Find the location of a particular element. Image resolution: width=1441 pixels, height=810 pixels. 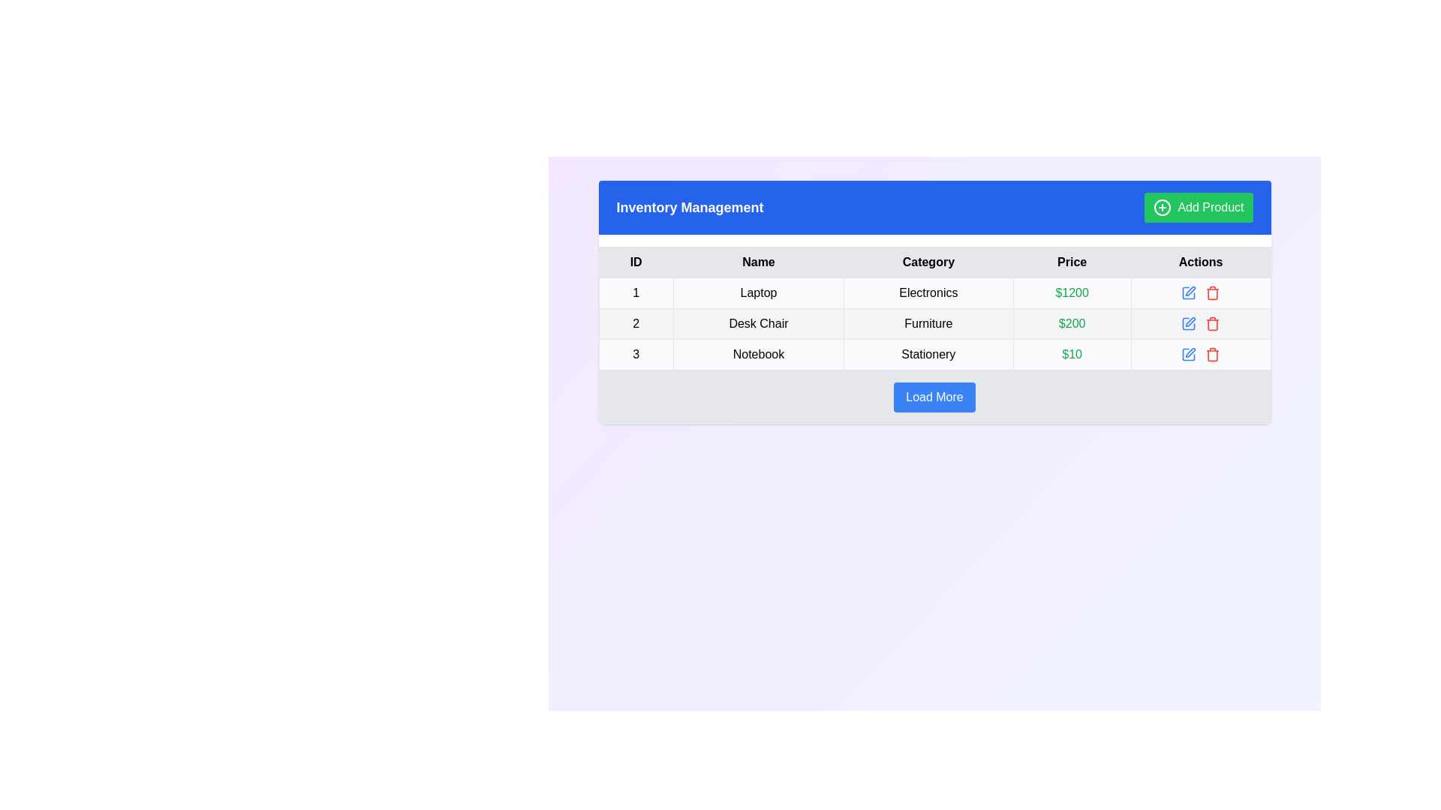

the static text displaying the price '$1200' in the fourth column of the first row of the 'Inventory Management' table is located at coordinates (1071, 292).